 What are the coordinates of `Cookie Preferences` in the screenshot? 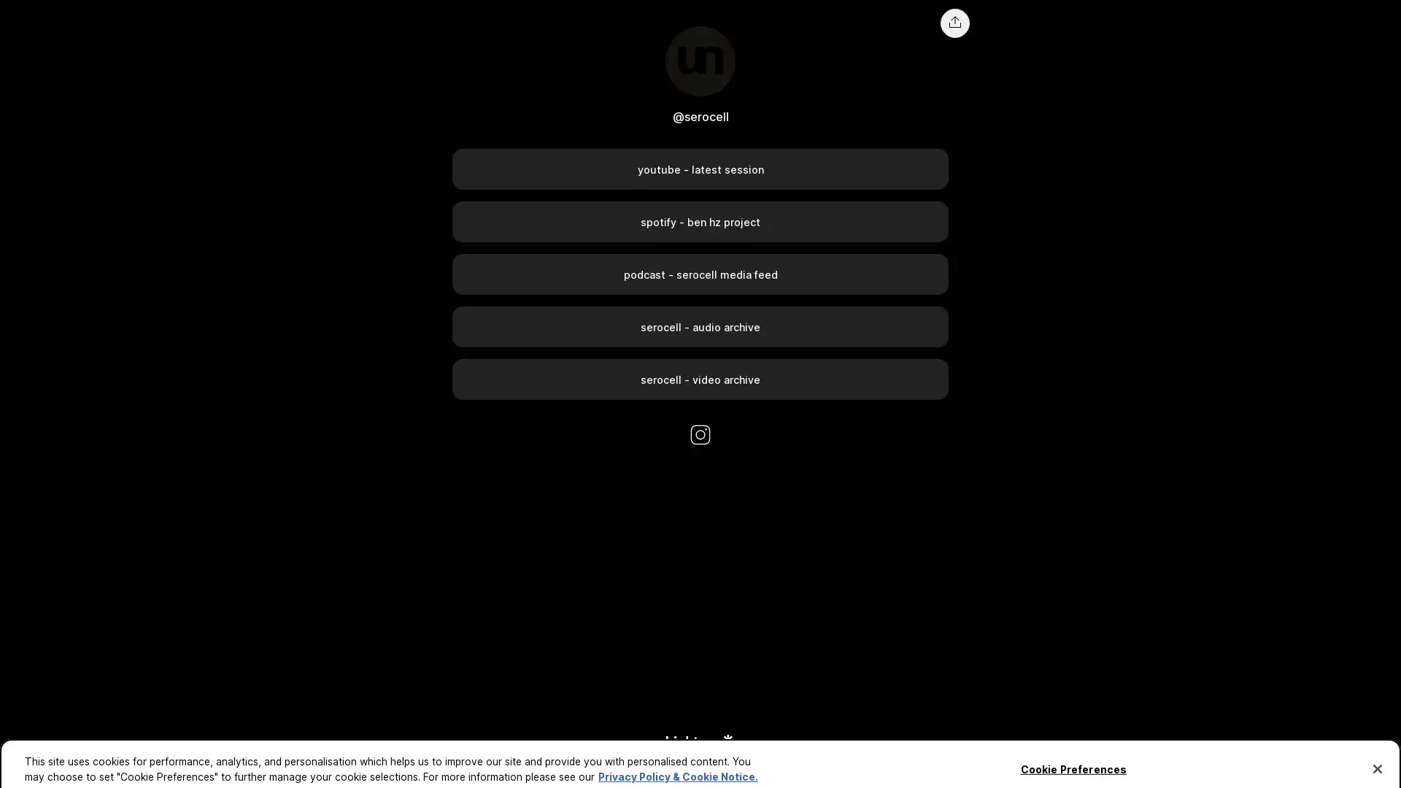 It's located at (39, 766).